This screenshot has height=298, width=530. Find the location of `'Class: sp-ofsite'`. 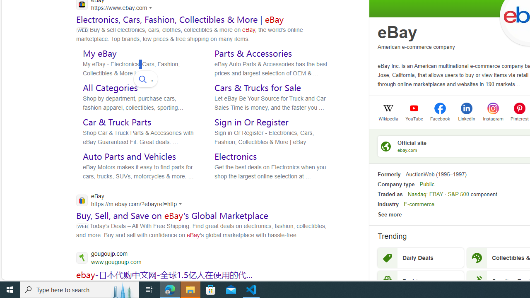

'Class: sp-ofsite' is located at coordinates (385, 146).